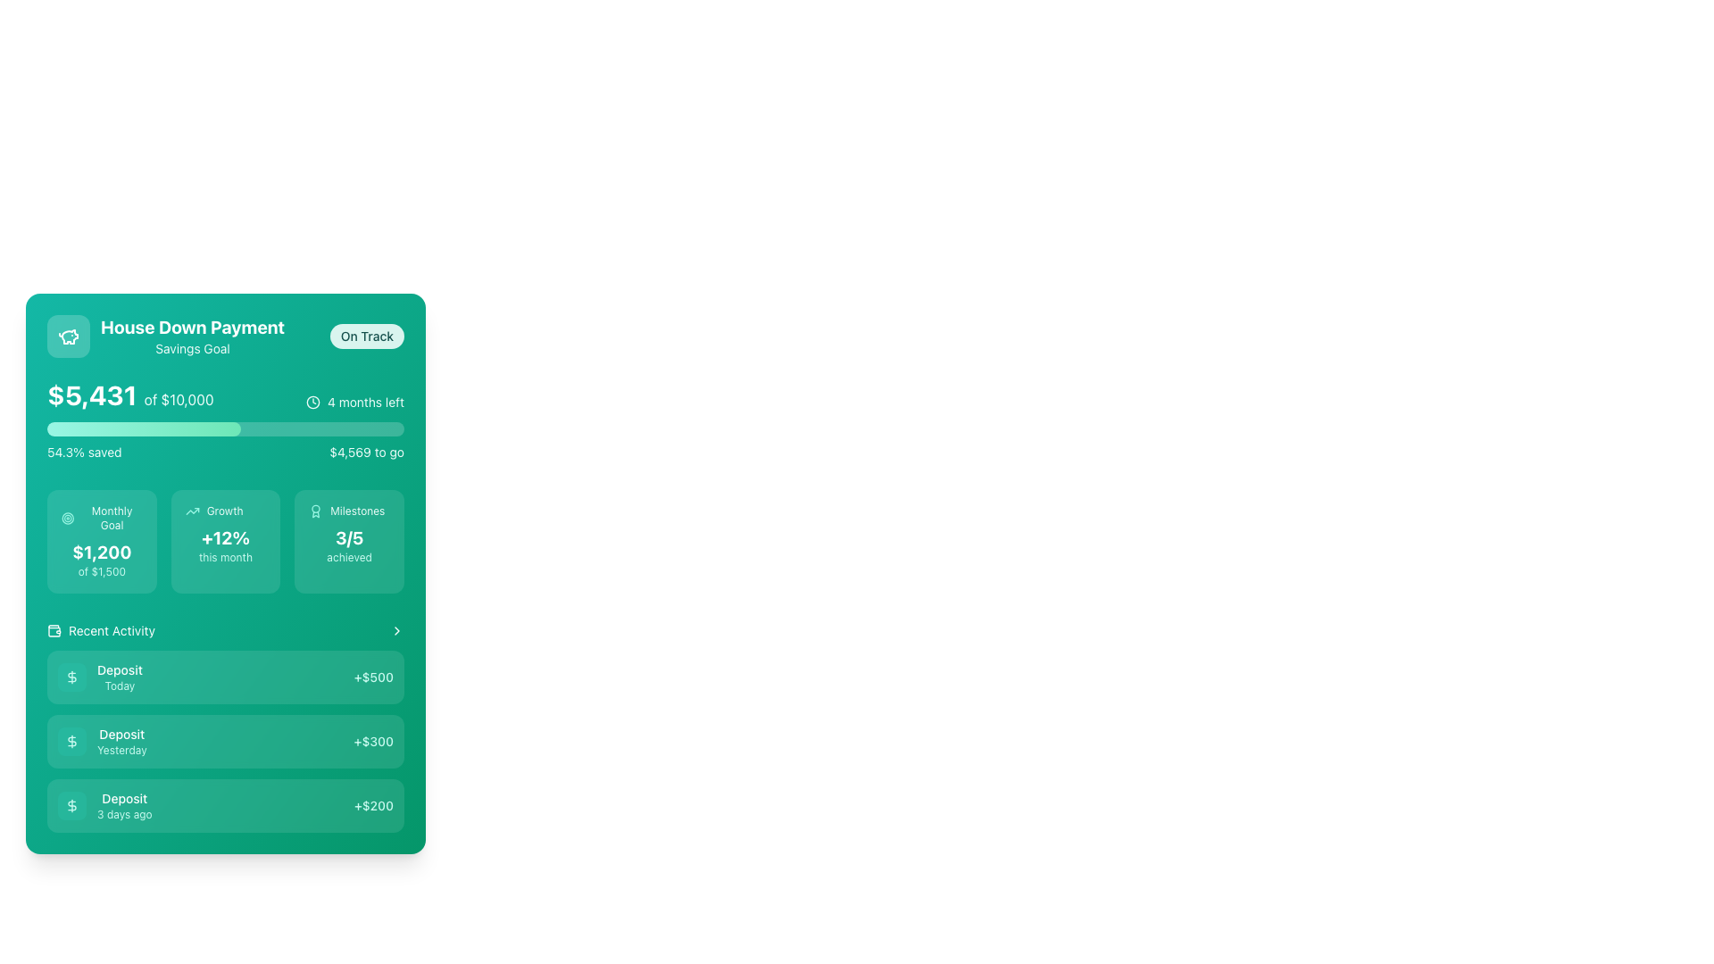 Image resolution: width=1714 pixels, height=964 pixels. I want to click on the teal-colored circular icon with a dollar sign ($) in the 'Recent Activity' section, associated with the entry 'Deposit 3 days ago.', so click(71, 805).